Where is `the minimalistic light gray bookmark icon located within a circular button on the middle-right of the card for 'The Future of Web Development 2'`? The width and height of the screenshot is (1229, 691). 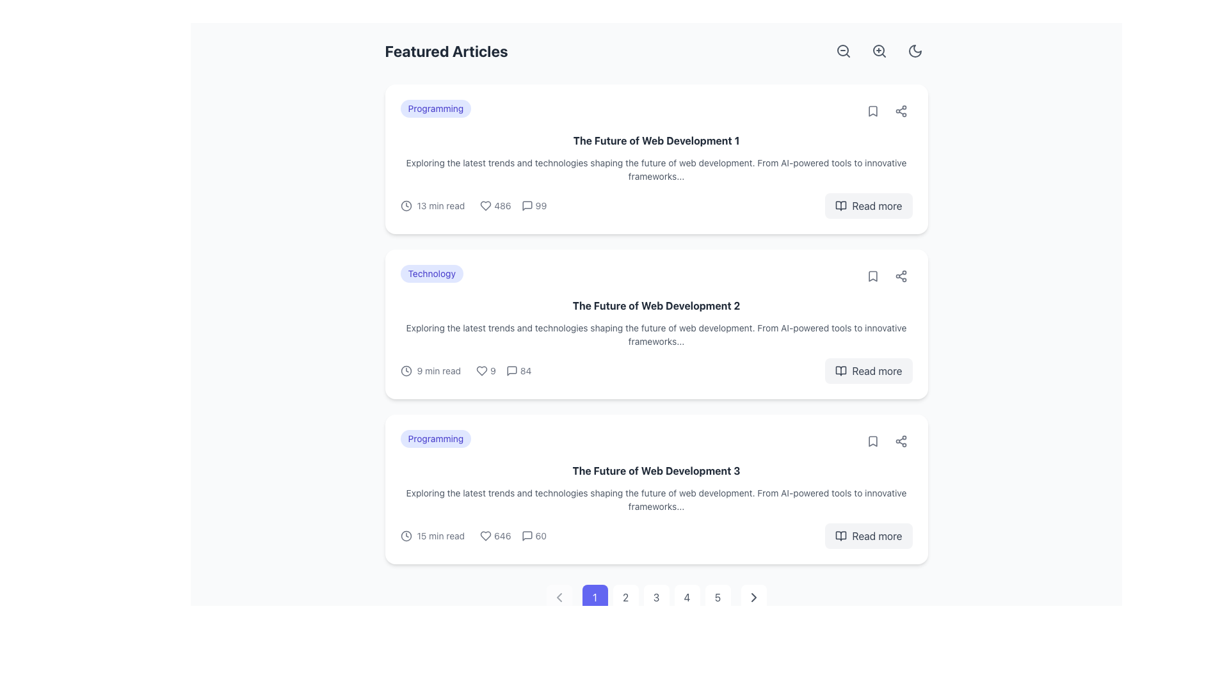
the minimalistic light gray bookmark icon located within a circular button on the middle-right of the card for 'The Future of Web Development 2' is located at coordinates (872, 276).